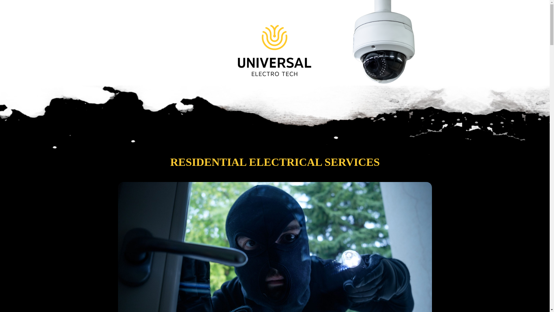  I want to click on 'logo', so click(274, 38).